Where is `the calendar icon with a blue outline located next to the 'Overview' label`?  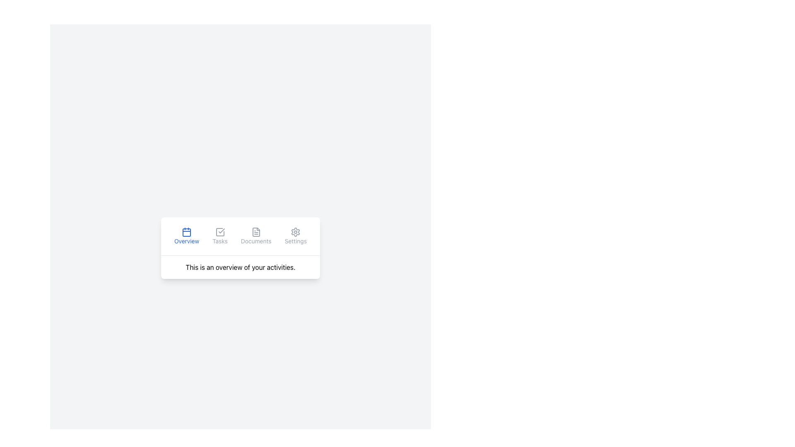
the calendar icon with a blue outline located next to the 'Overview' label is located at coordinates (186, 232).